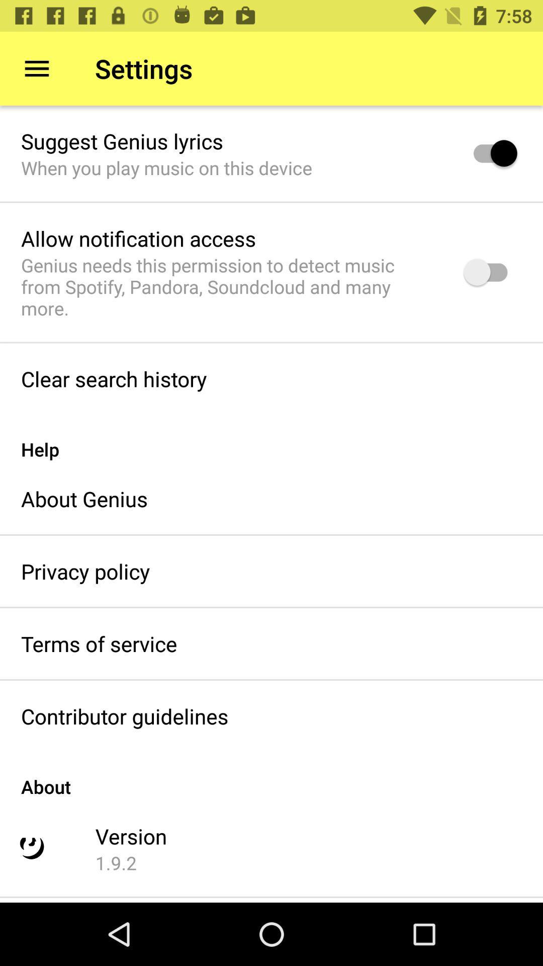  I want to click on terms of service icon, so click(99, 643).